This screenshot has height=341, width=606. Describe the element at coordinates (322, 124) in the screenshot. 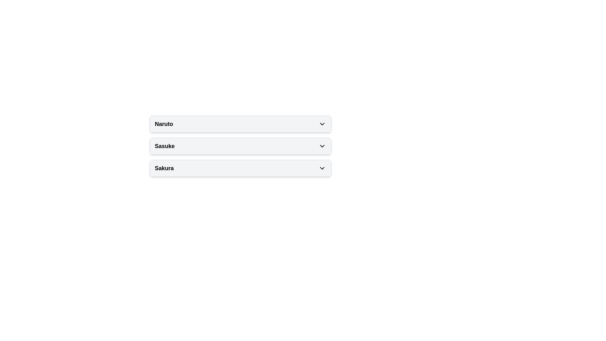

I see `the Icon Button located at the rightmost end of the 'Naruto' header` at that location.